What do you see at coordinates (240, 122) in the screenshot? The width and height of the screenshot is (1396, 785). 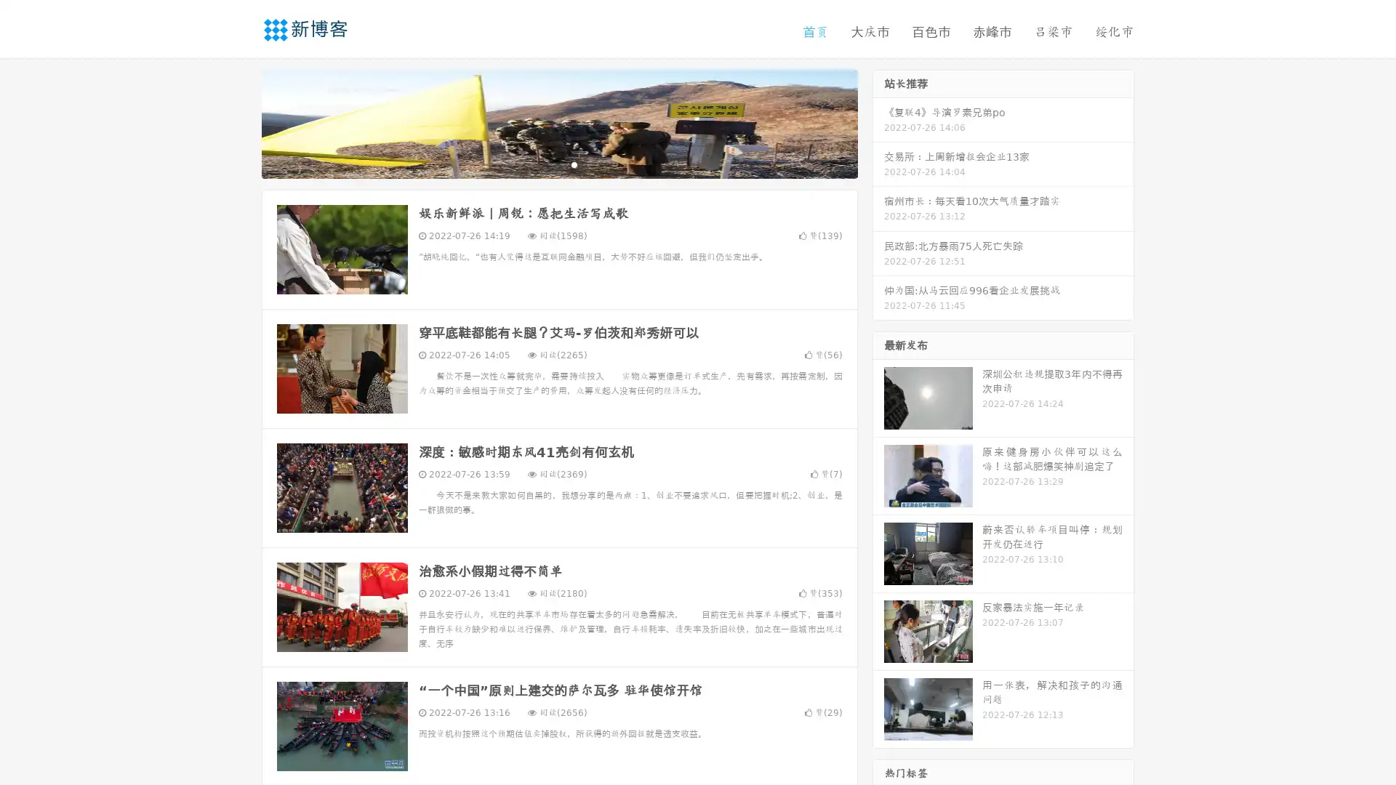 I see `Previous slide` at bounding box center [240, 122].